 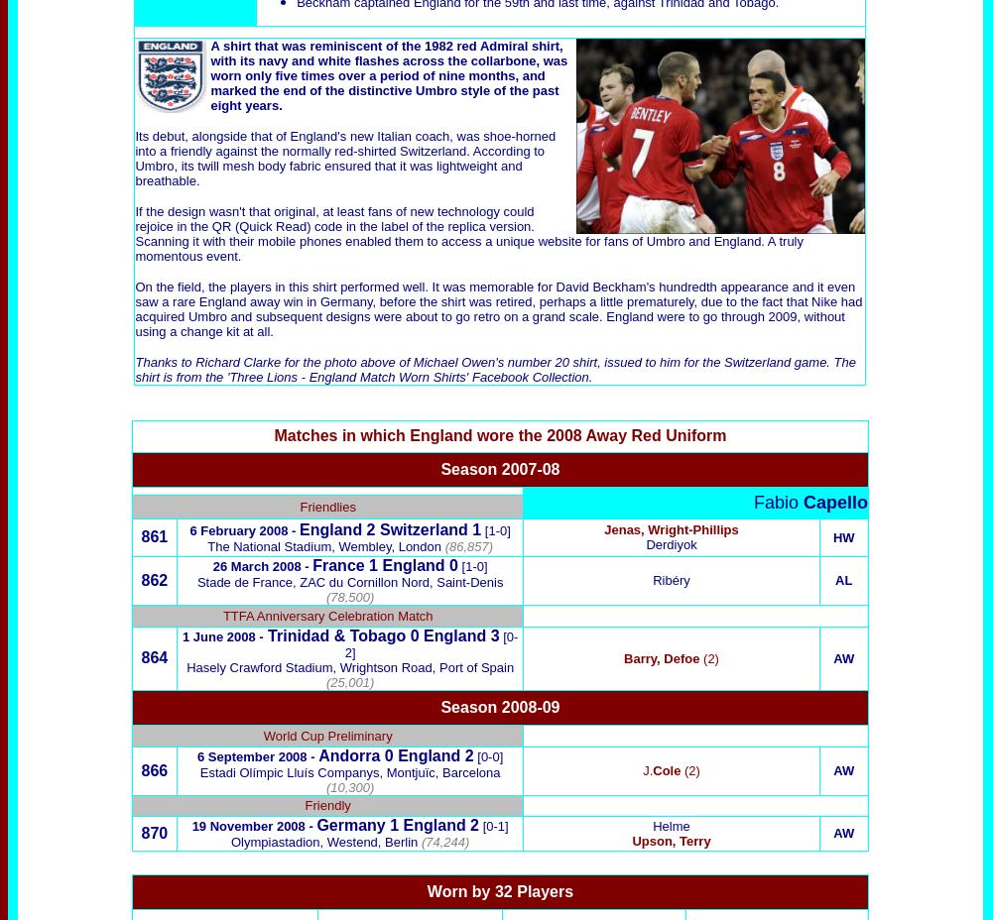 What do you see at coordinates (369, 770) in the screenshot?
I see `'s 
	Companys, Montjuïc'` at bounding box center [369, 770].